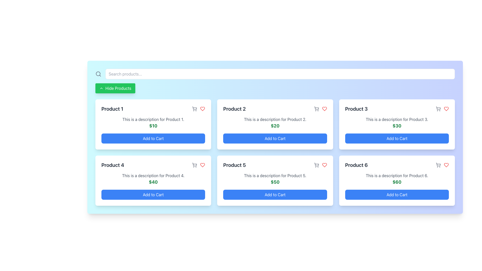 This screenshot has height=271, width=482. What do you see at coordinates (203, 109) in the screenshot?
I see `the heart-shaped favorite icon button, which is the second icon from the right in a horizontal arrangement, to favorite the product` at bounding box center [203, 109].